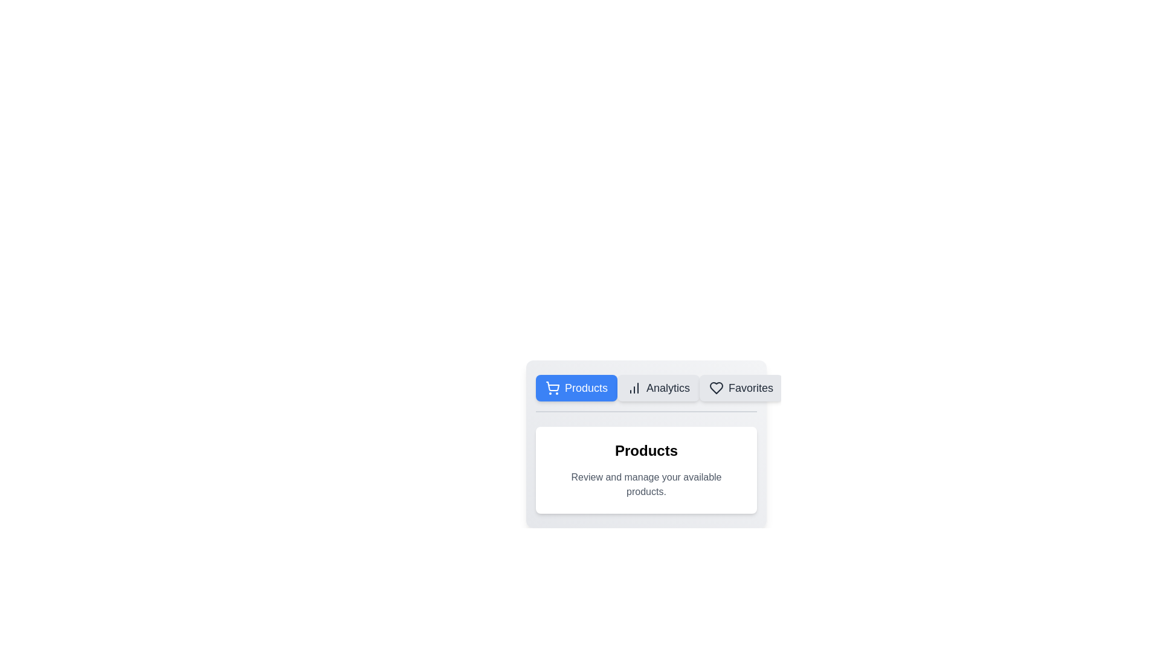  Describe the element at coordinates (716, 388) in the screenshot. I see `the favorites icon located in the menu bar at the top of the content card, which represents a favorites or like feature` at that location.